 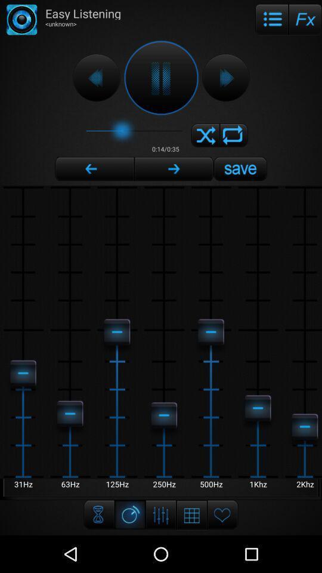 I want to click on the item below the 0 15 0 icon, so click(x=173, y=168).